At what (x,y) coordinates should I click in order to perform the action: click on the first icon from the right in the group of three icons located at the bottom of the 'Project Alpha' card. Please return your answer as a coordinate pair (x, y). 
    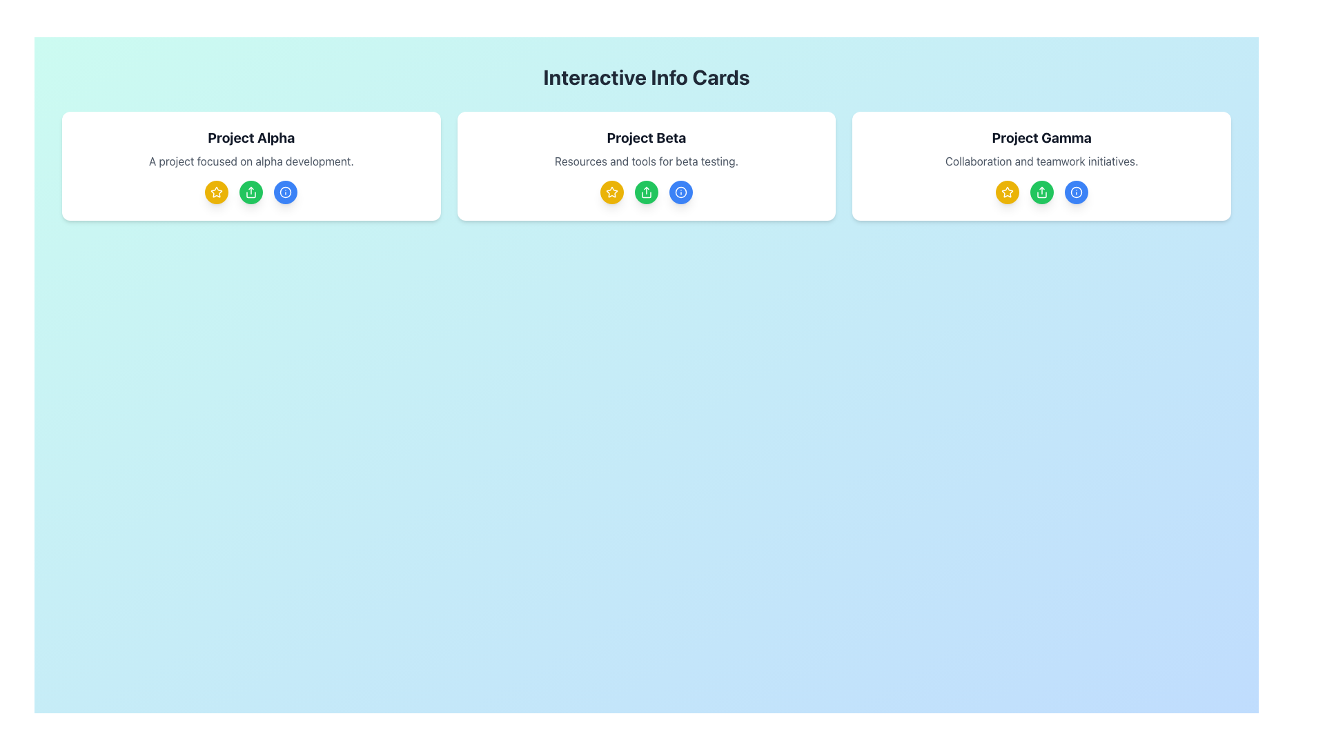
    Looking at the image, I should click on (285, 192).